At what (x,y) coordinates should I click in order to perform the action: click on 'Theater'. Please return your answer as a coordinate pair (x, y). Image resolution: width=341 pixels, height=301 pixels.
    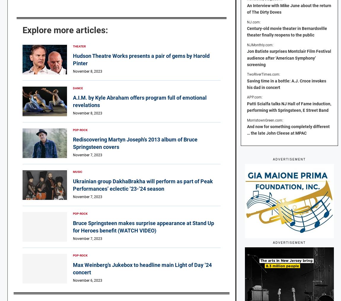
    Looking at the image, I should click on (79, 46).